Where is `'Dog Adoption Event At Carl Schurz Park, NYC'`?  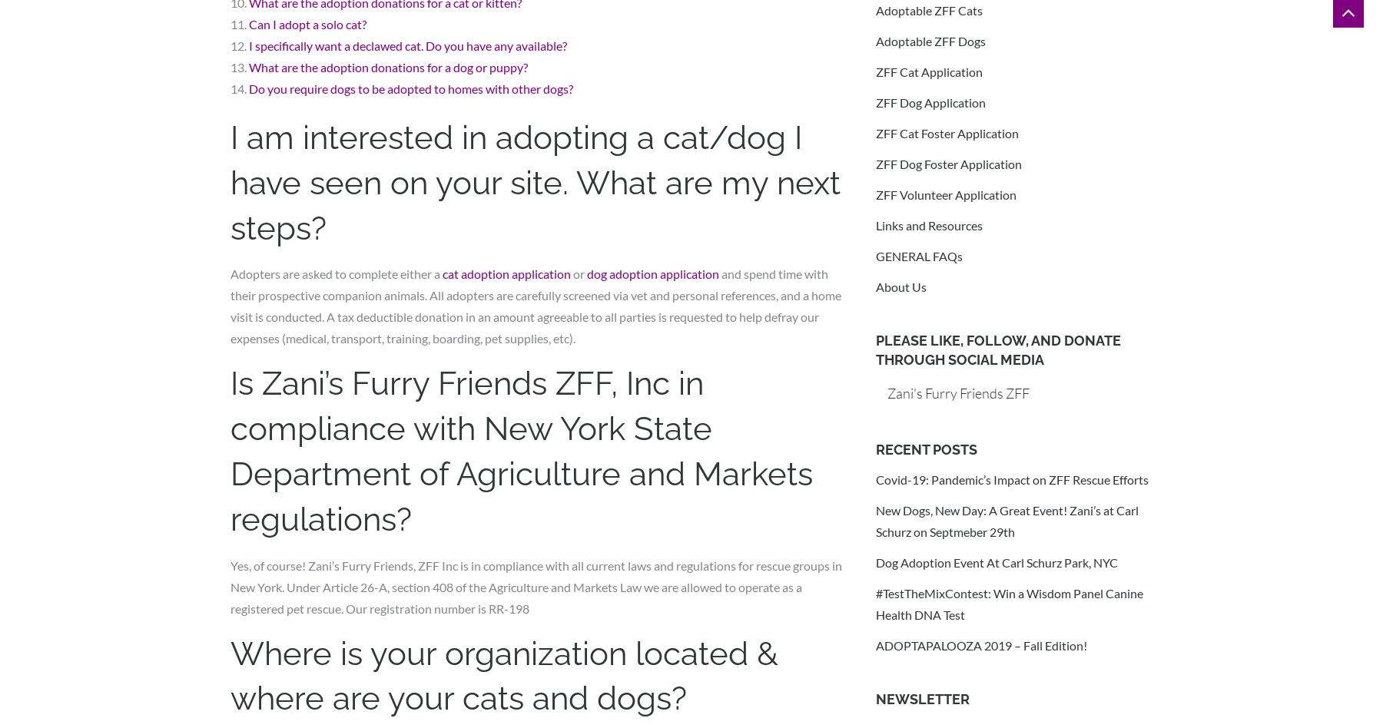 'Dog Adoption Event At Carl Schurz Park, NYC' is located at coordinates (997, 561).